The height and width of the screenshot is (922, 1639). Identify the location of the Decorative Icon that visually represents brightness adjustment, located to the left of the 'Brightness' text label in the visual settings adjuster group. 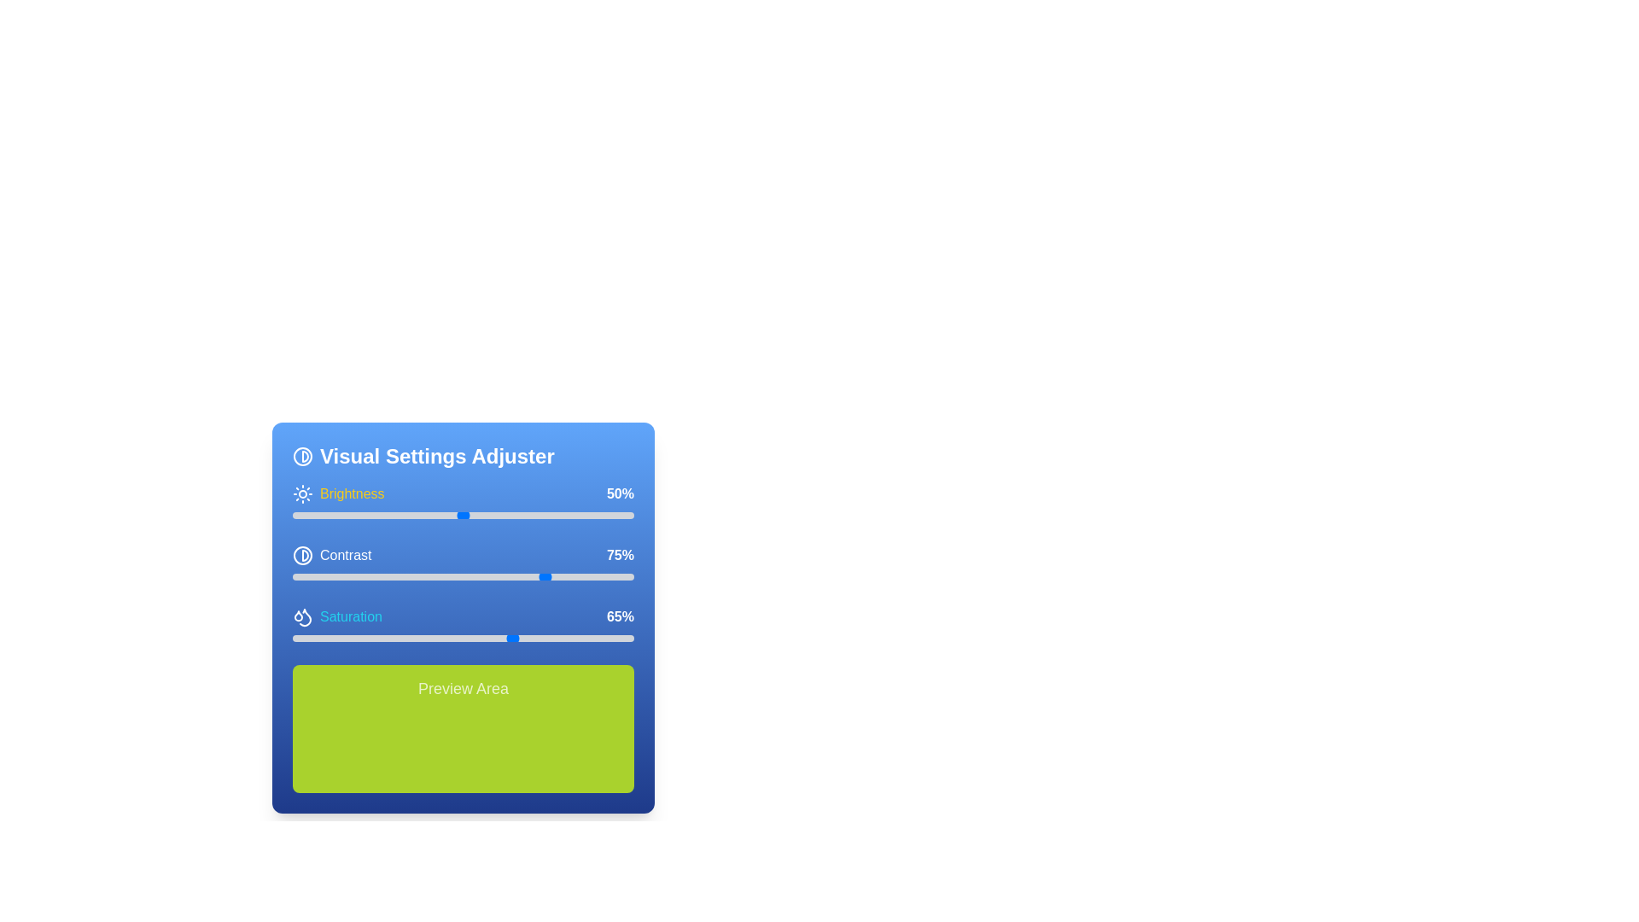
(303, 493).